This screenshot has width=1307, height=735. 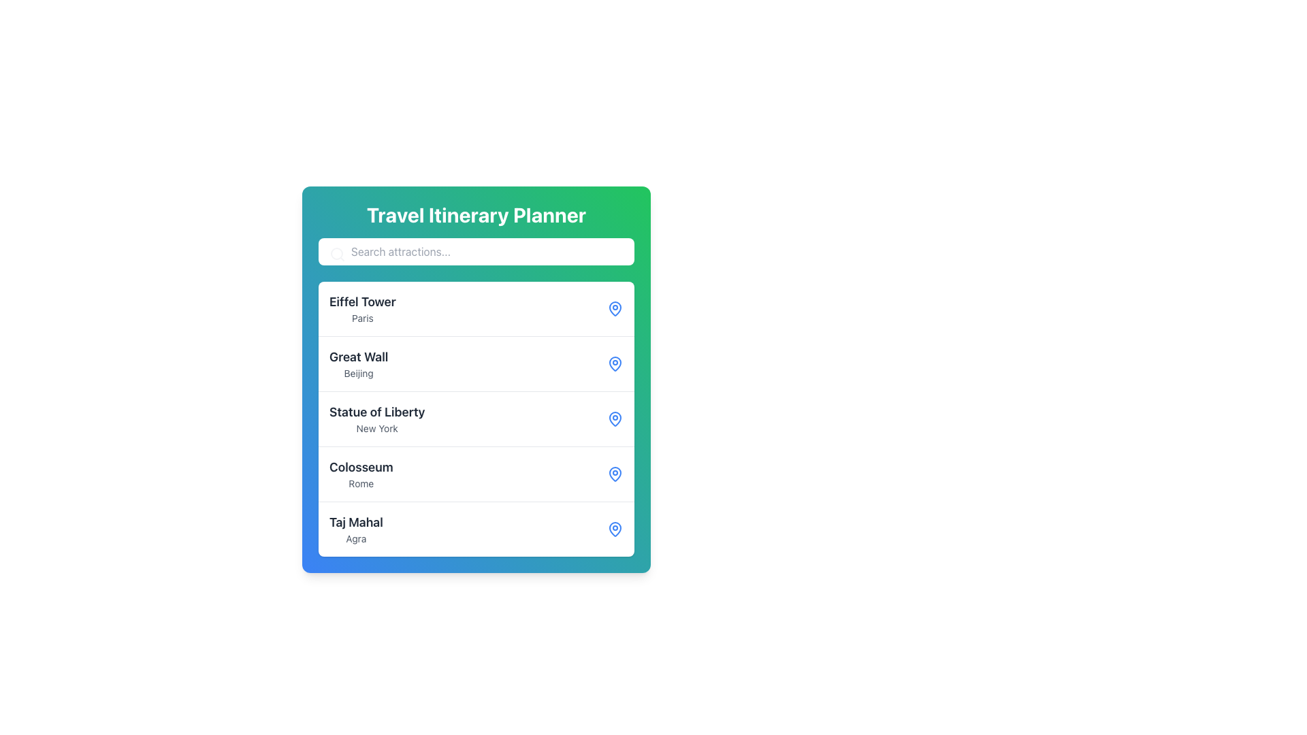 I want to click on label displaying the location 'Great Wall' which is the second item in the travel destinations list within the 'Travel Itinerary Planner', so click(x=359, y=363).